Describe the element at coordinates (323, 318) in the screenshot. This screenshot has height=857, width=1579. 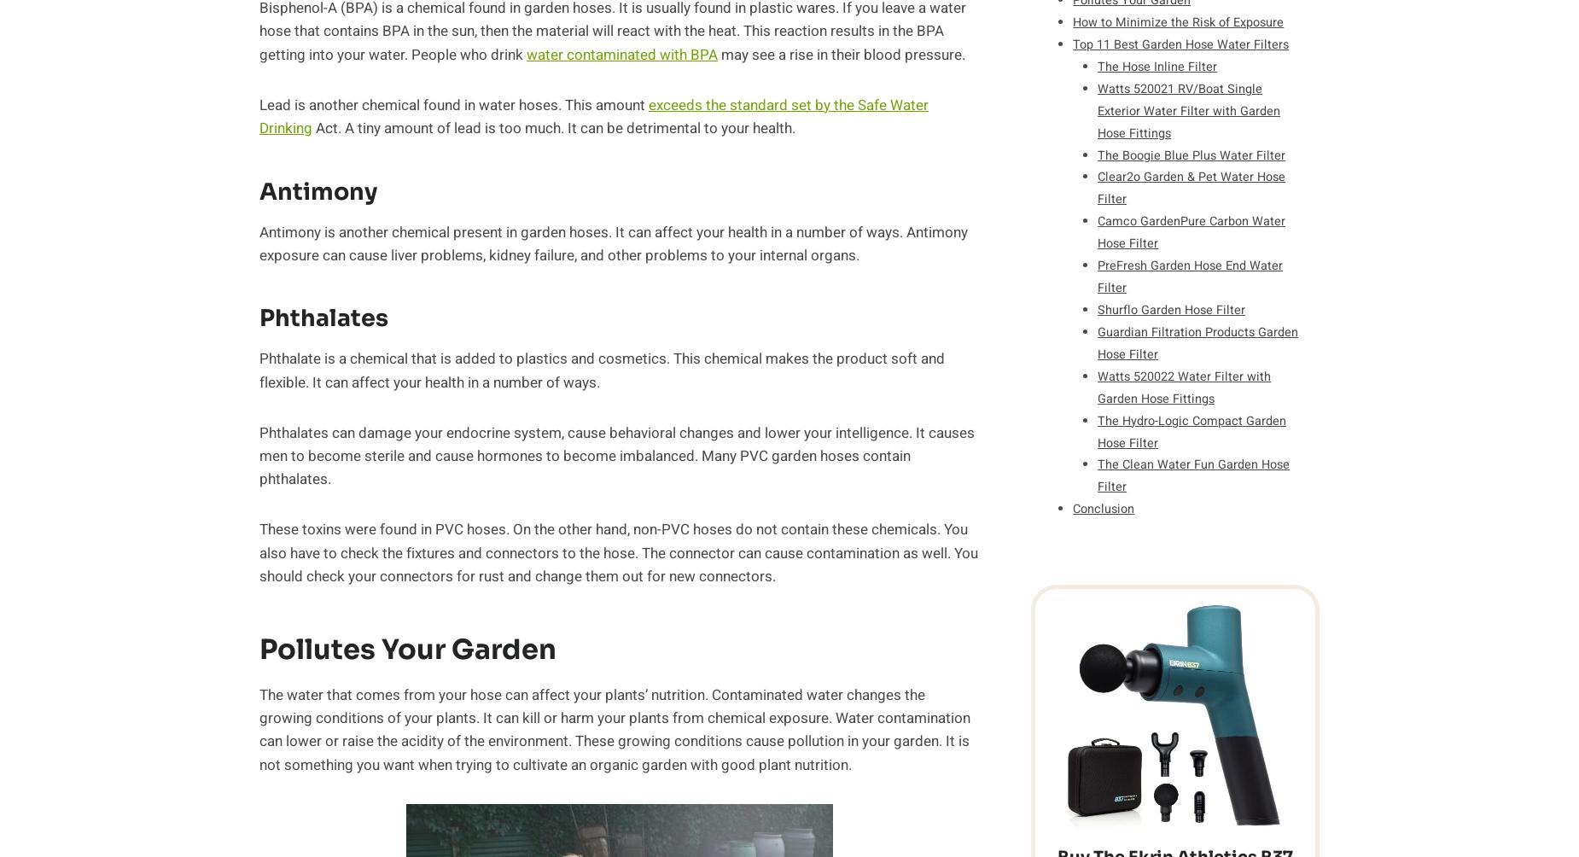
I see `'Phthalates'` at that location.